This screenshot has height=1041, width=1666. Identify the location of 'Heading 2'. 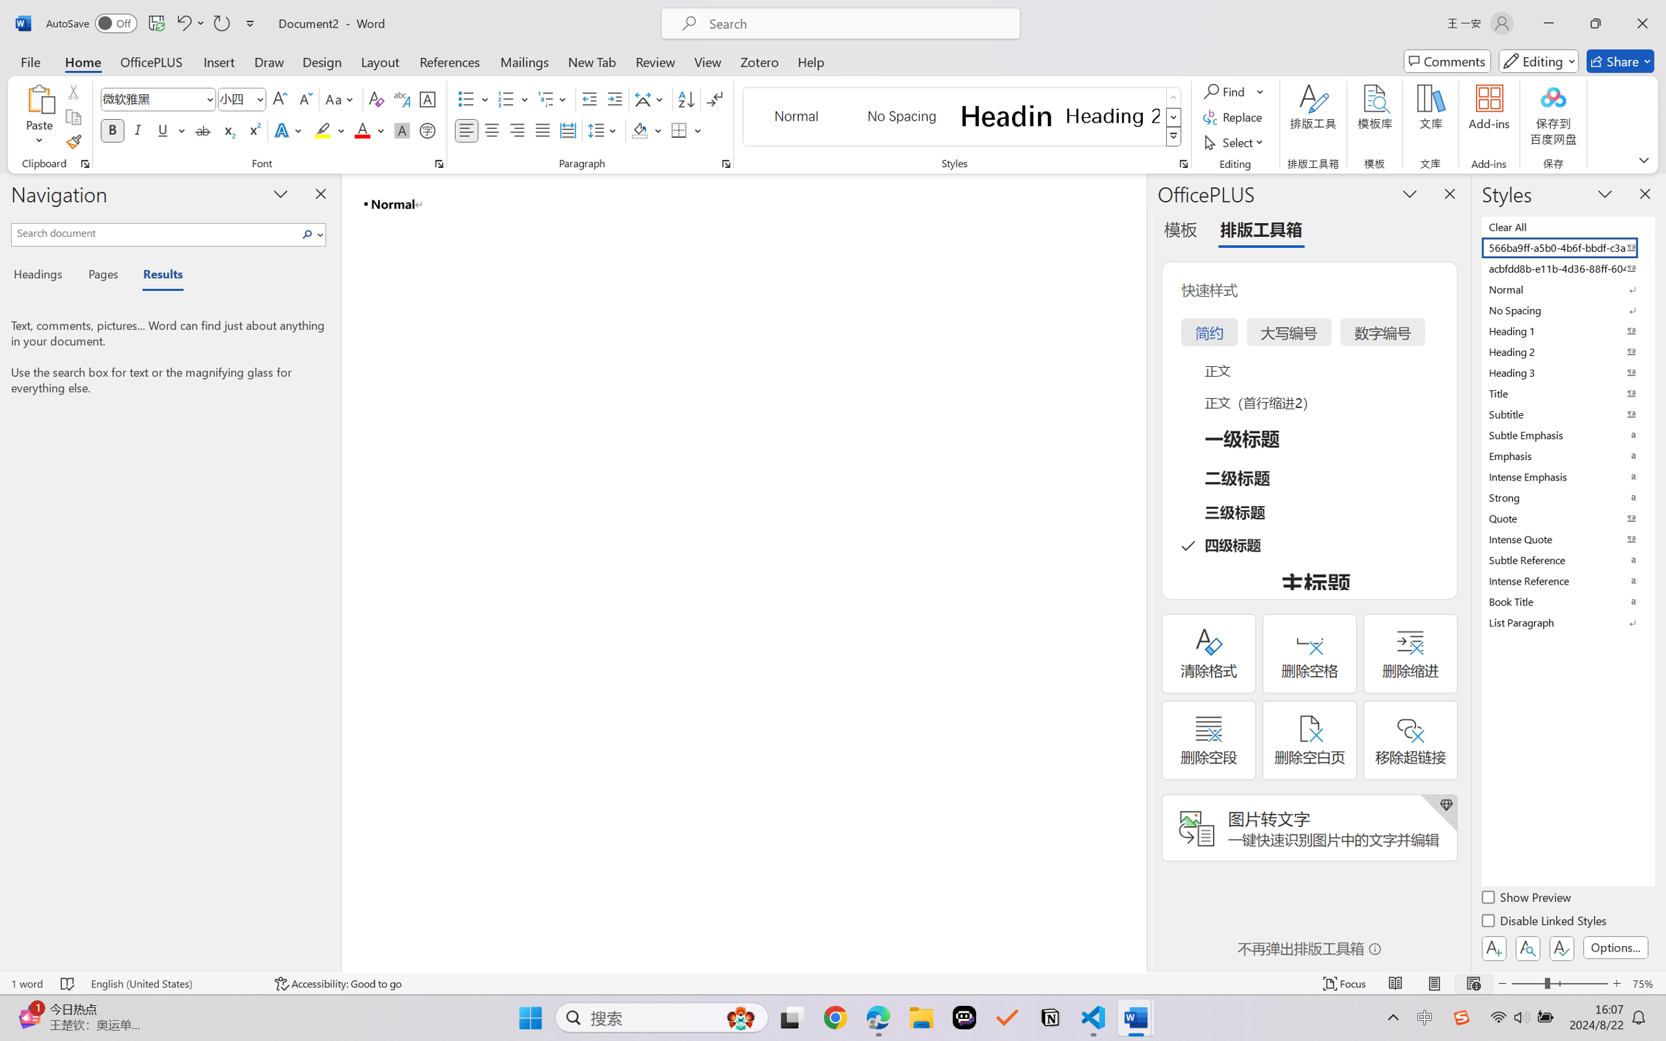
(1113, 116).